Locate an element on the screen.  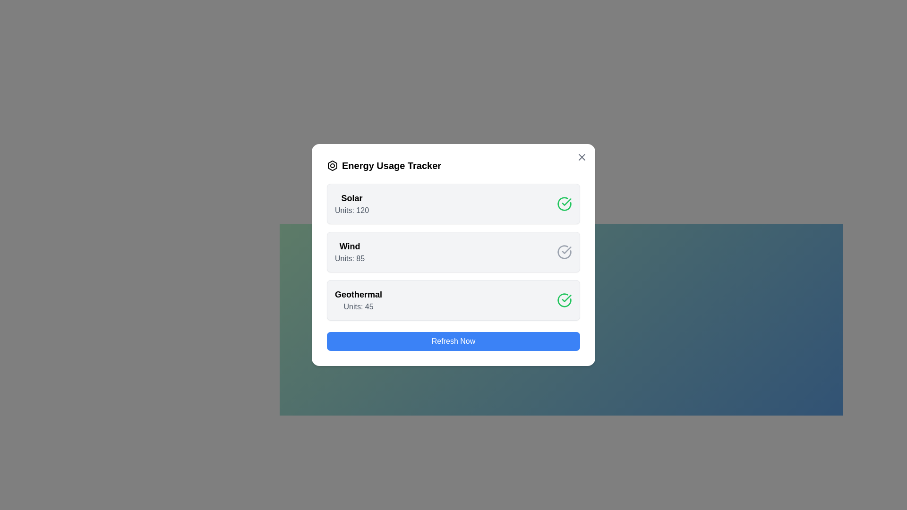
the bolded text label displaying 'Wind' located at the top of the 'Wind Units: 85' card, which is part of a group of three cards labeled 'Solar', 'Wind', and 'Geothermal' is located at coordinates (349, 246).